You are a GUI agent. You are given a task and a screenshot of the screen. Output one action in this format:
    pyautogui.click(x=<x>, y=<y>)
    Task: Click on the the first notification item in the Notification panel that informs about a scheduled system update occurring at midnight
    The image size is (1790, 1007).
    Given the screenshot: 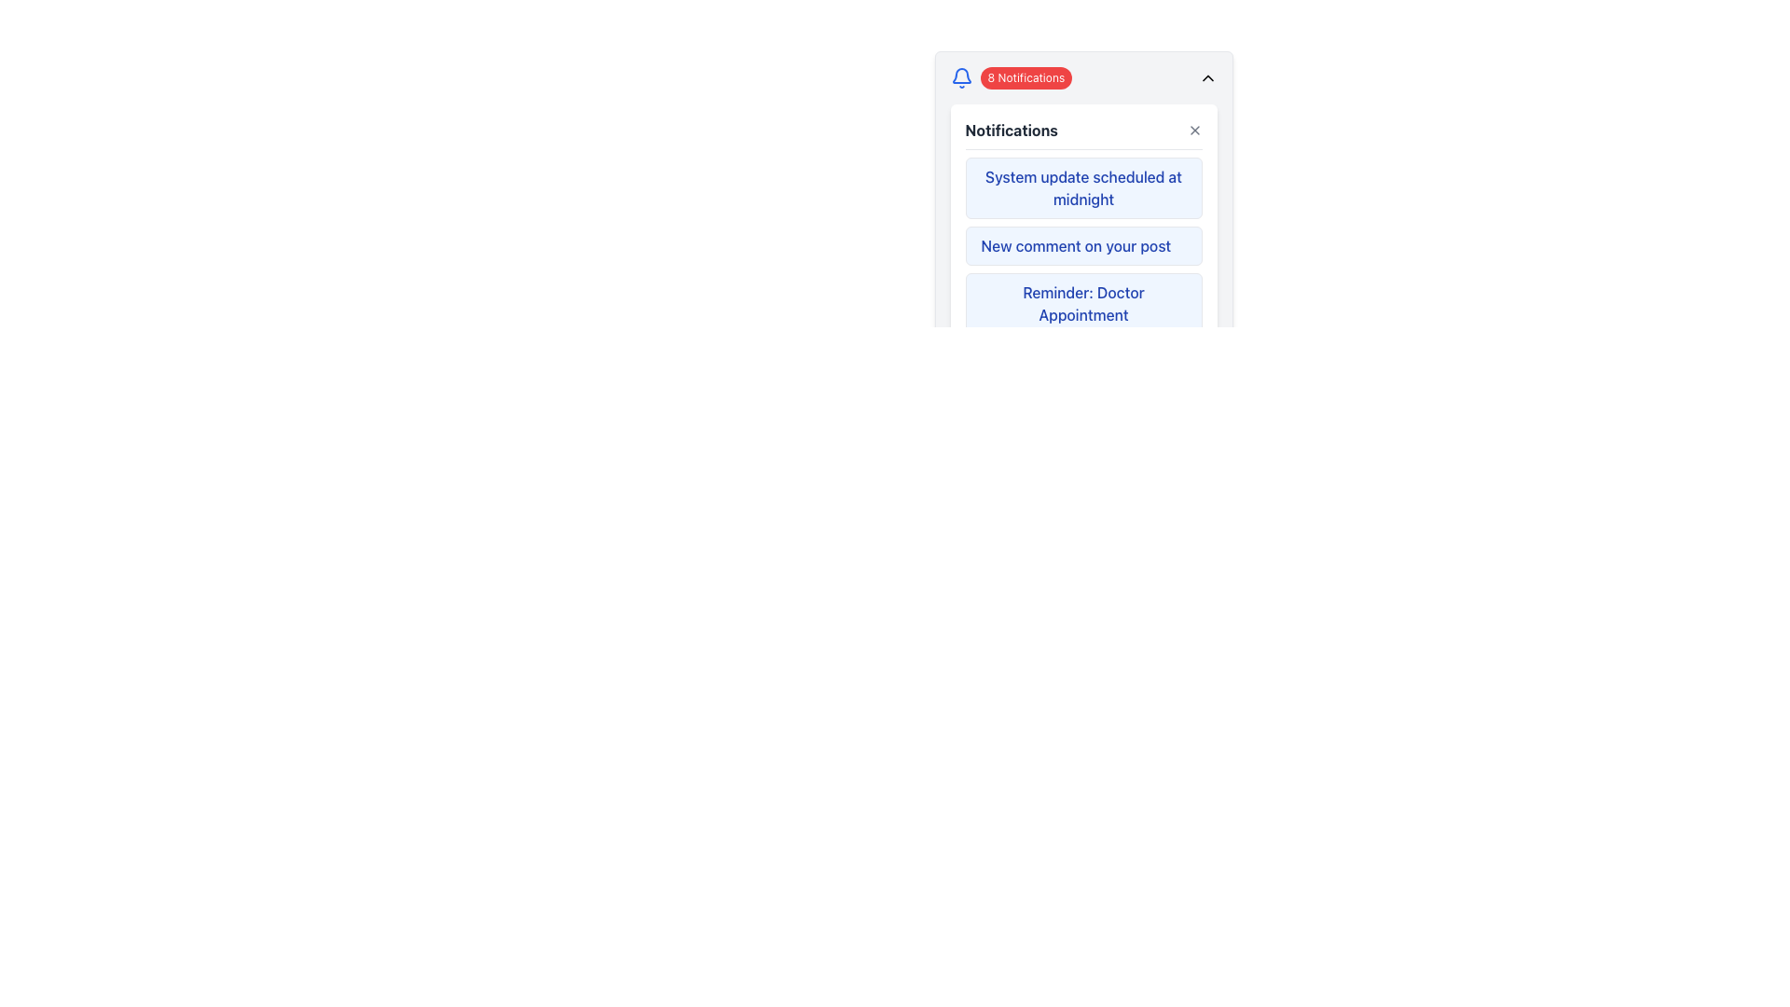 What is the action you would take?
    pyautogui.click(x=1083, y=187)
    